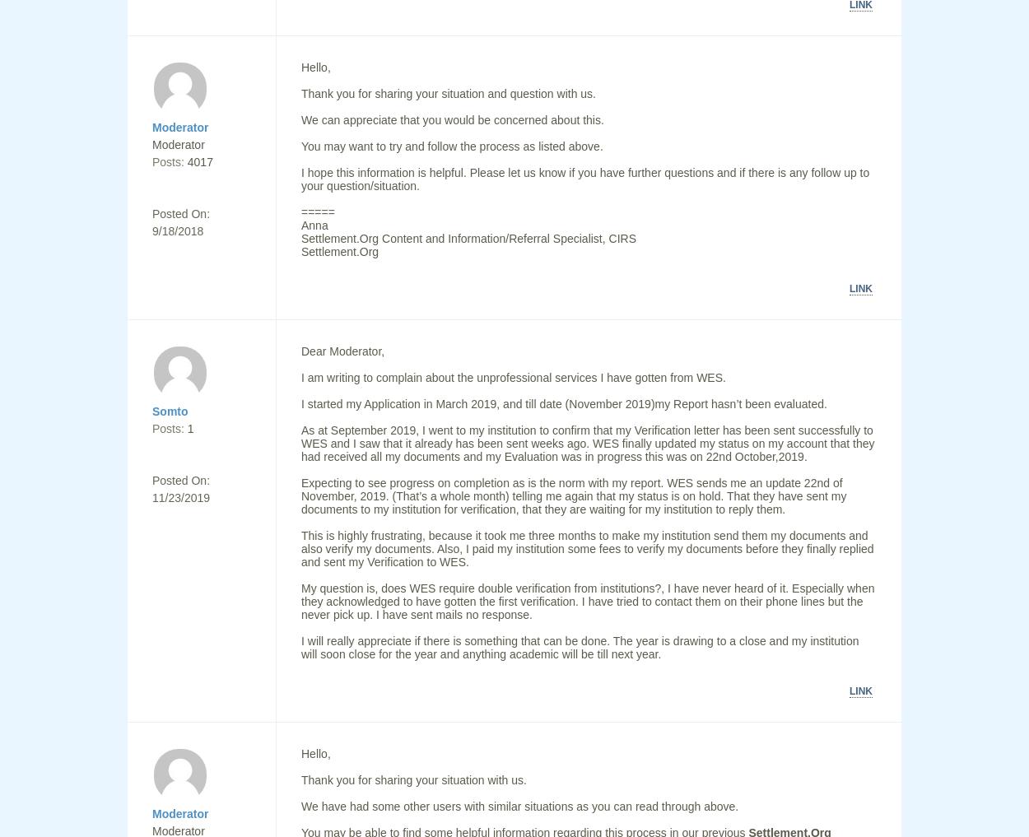 The height and width of the screenshot is (837, 1029). Describe the element at coordinates (512, 376) in the screenshot. I see `'I am writing to complain about the unprofessional services I have gotten from WES.'` at that location.